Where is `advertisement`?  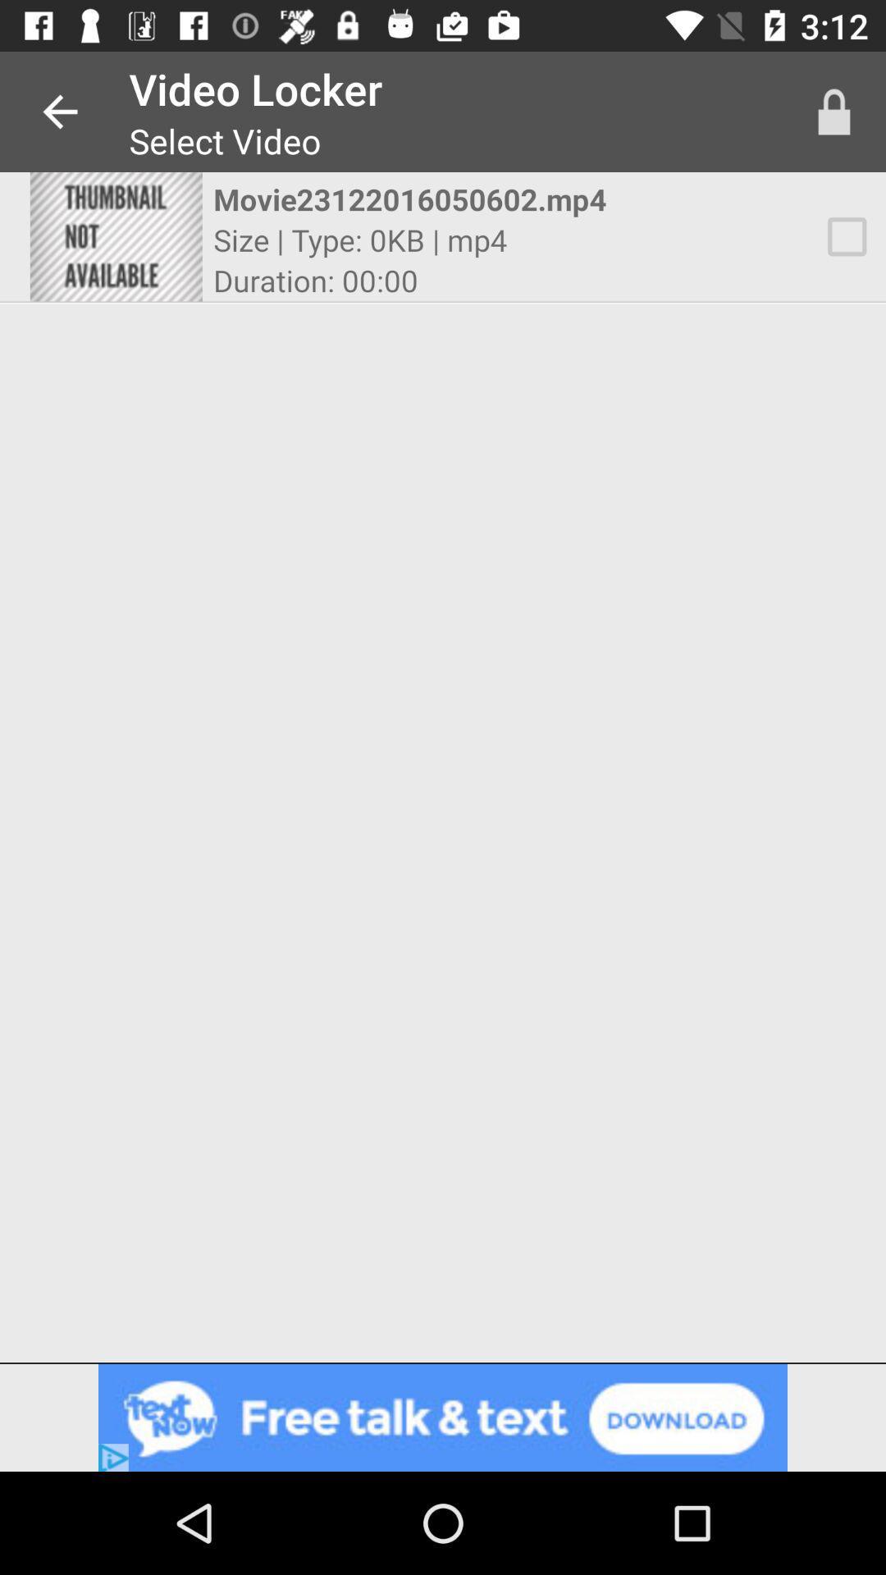
advertisement is located at coordinates (443, 1417).